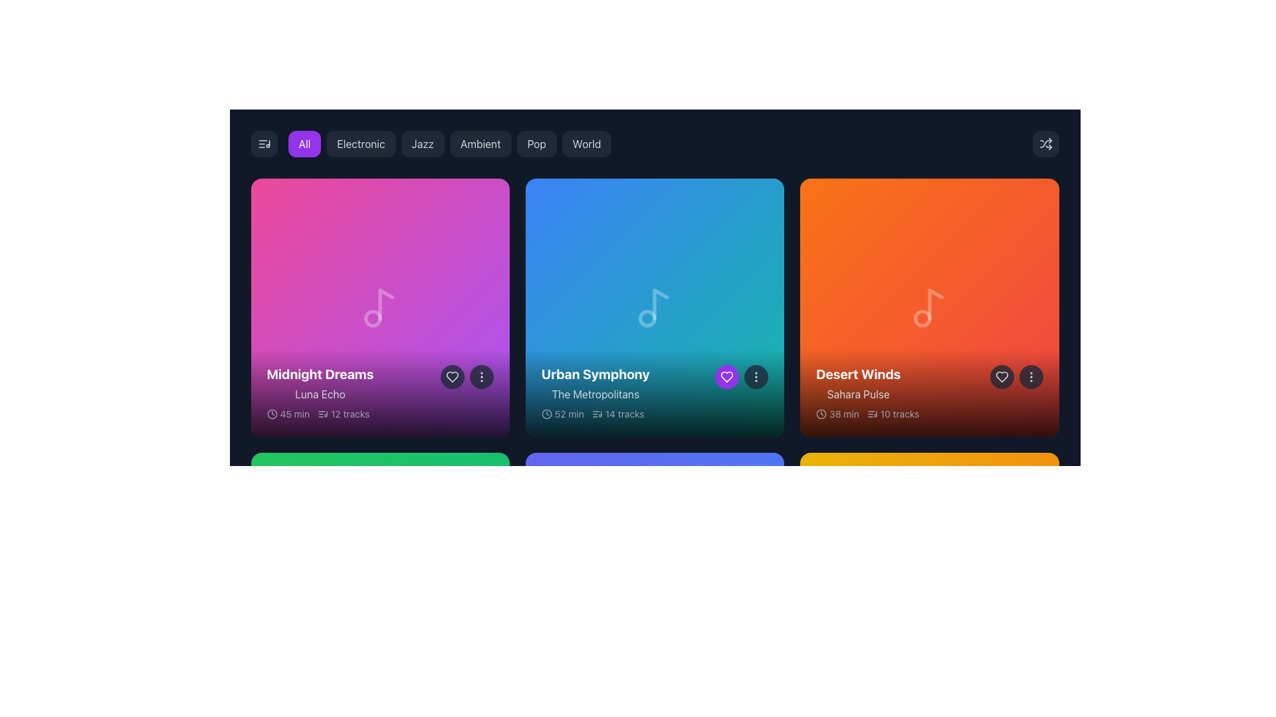 Image resolution: width=1276 pixels, height=717 pixels. What do you see at coordinates (320, 384) in the screenshot?
I see `the text display component showcasing the title 'Midnight Dreams' and subtitle 'Luna Echo', located in the first card of the horizontally aligned card list` at bounding box center [320, 384].